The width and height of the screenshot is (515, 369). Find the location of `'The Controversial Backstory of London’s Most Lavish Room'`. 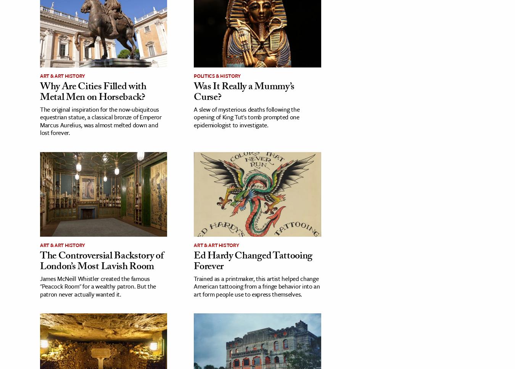

'The Controversial Backstory of London’s Most Lavish Room' is located at coordinates (101, 262).